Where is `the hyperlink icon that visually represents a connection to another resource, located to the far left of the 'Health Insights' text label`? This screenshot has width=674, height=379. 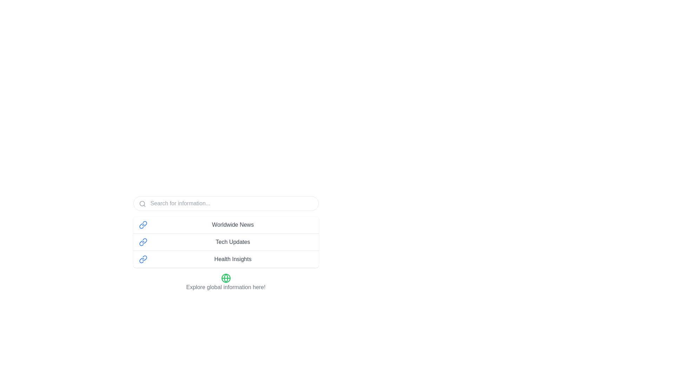
the hyperlink icon that visually represents a connection to another resource, located to the far left of the 'Health Insights' text label is located at coordinates (143, 259).